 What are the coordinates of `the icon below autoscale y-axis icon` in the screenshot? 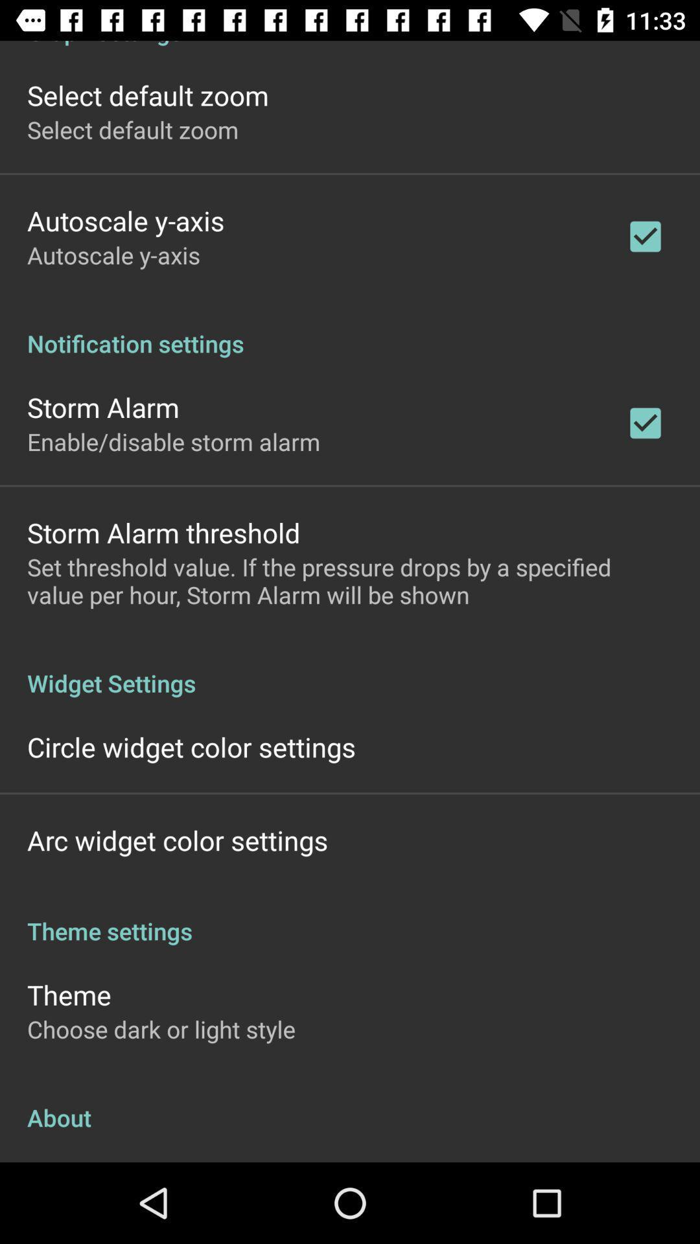 It's located at (350, 330).